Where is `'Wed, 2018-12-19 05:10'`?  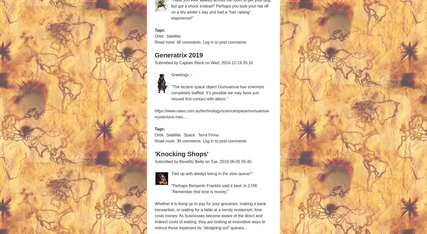
'Wed, 2018-12-19 05:10' is located at coordinates (232, 62).